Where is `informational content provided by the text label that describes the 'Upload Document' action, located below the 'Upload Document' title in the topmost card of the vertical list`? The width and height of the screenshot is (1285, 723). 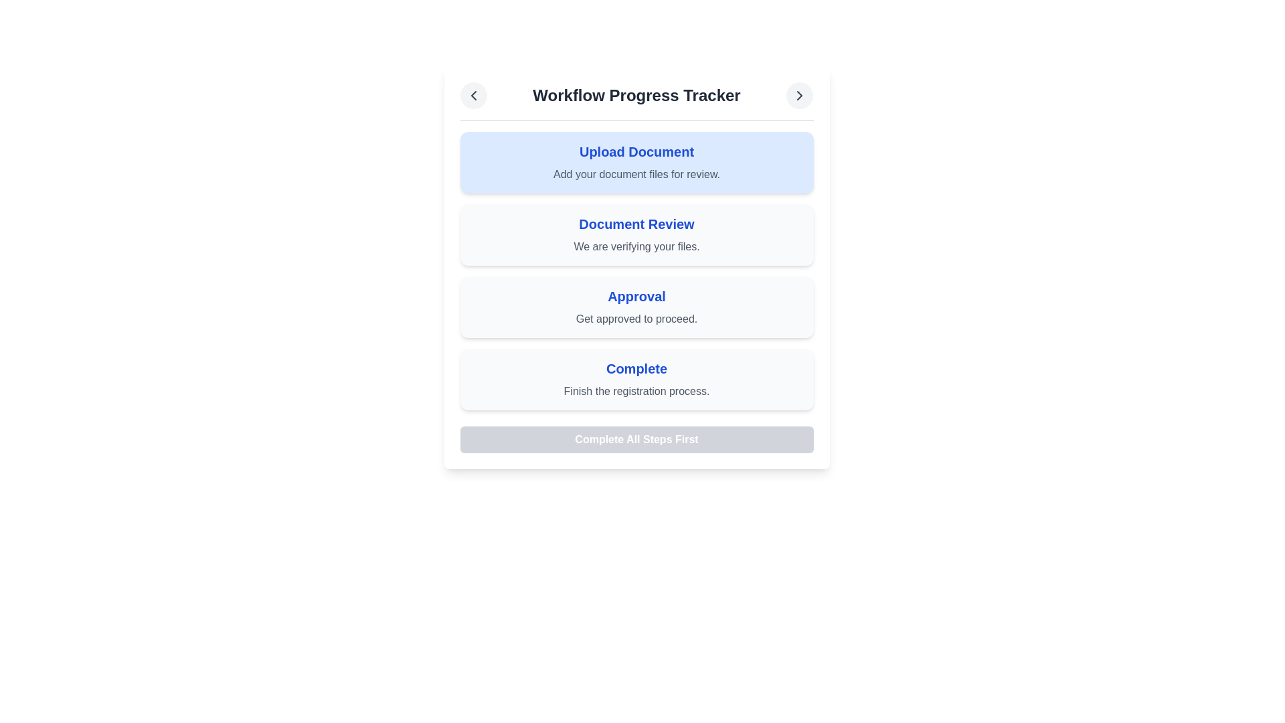
informational content provided by the text label that describes the 'Upload Document' action, located below the 'Upload Document' title in the topmost card of the vertical list is located at coordinates (636, 174).